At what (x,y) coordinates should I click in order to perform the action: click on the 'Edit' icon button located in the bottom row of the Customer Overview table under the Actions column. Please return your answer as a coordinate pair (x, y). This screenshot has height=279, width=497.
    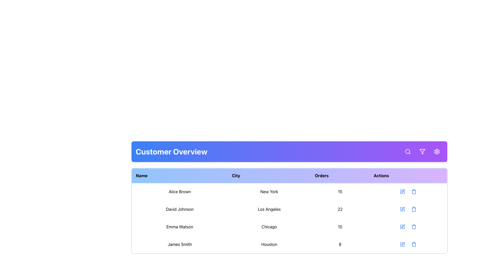
    Looking at the image, I should click on (402, 244).